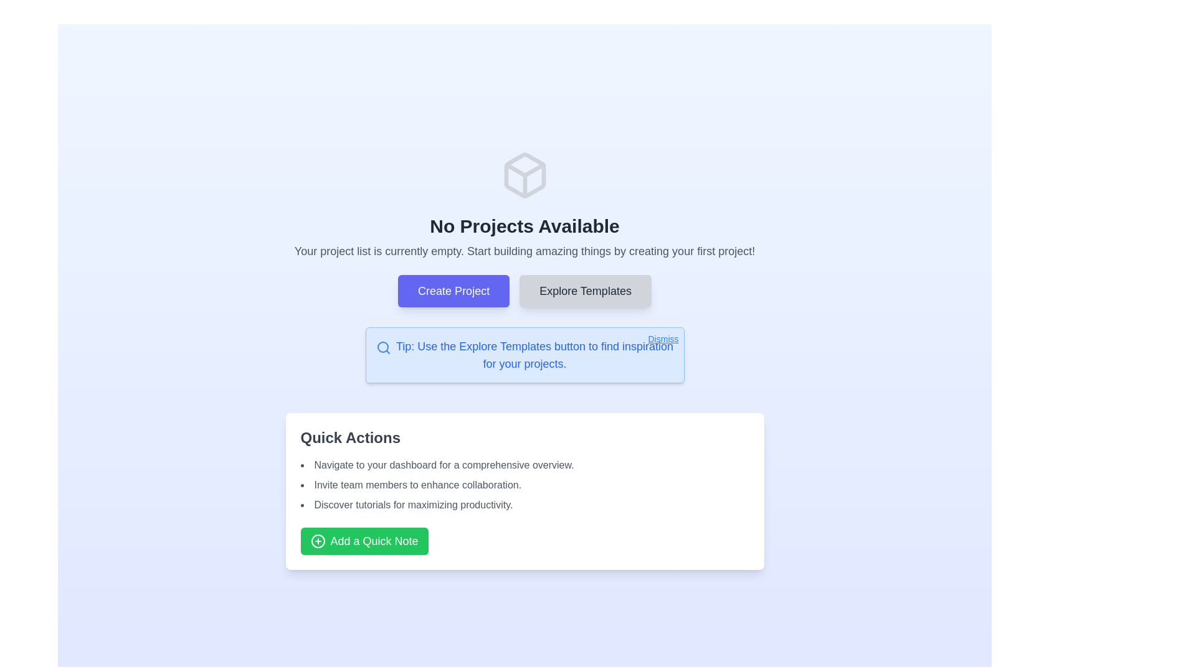  Describe the element at coordinates (524, 226) in the screenshot. I see `the text label or header that indicates there are no projects currently displayed, located centrally in the interface` at that location.